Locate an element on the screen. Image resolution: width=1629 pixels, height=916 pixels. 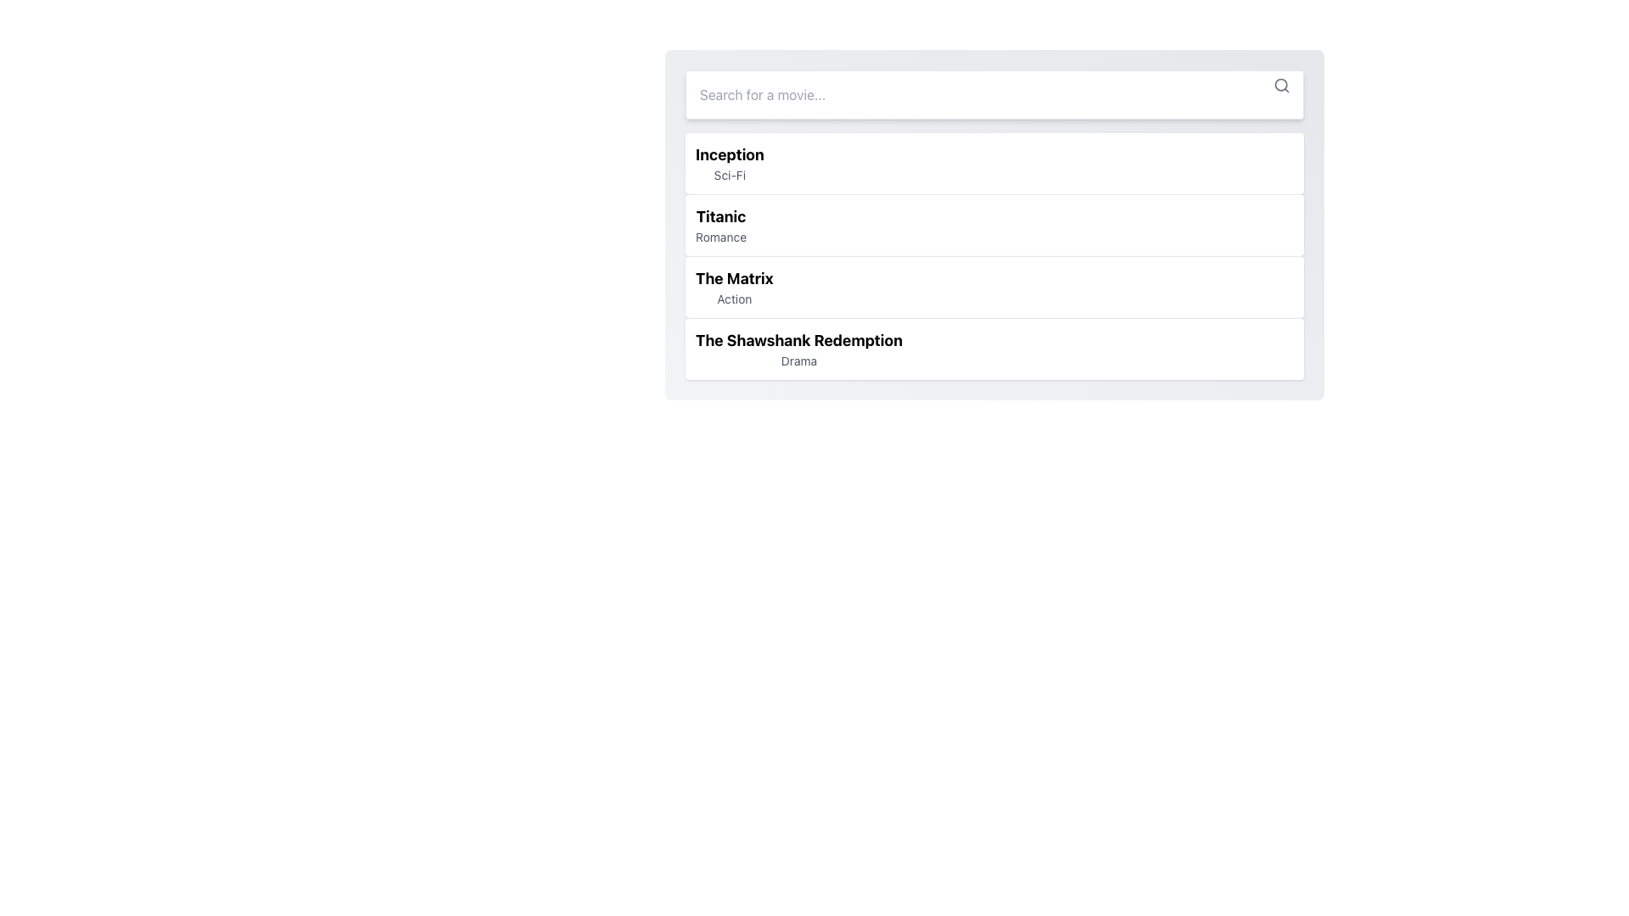
the list item displaying the title 'The Matrix' and genre 'Action' is located at coordinates (734, 287).